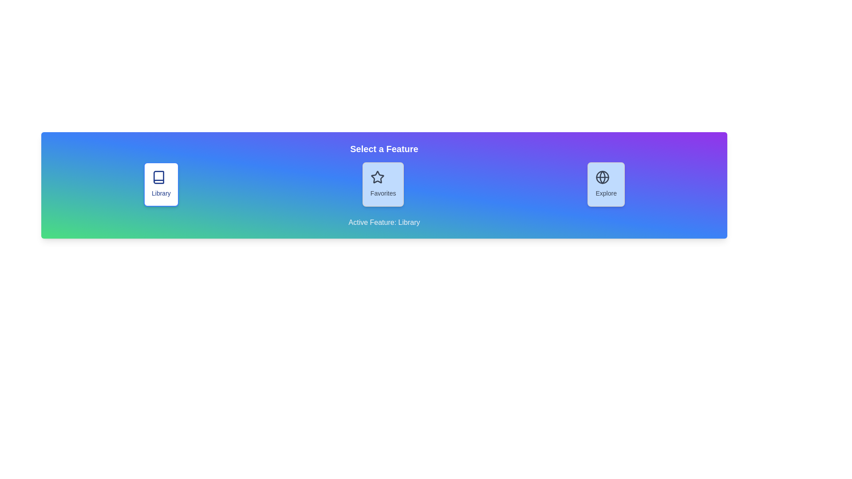 The image size is (852, 479). I want to click on the Favorites button to select it, so click(383, 184).